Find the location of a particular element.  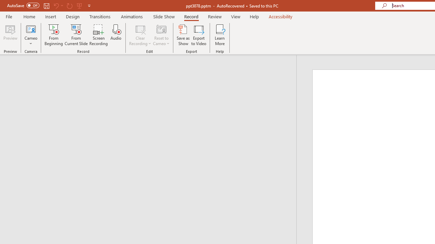

'Save as Show' is located at coordinates (183, 35).